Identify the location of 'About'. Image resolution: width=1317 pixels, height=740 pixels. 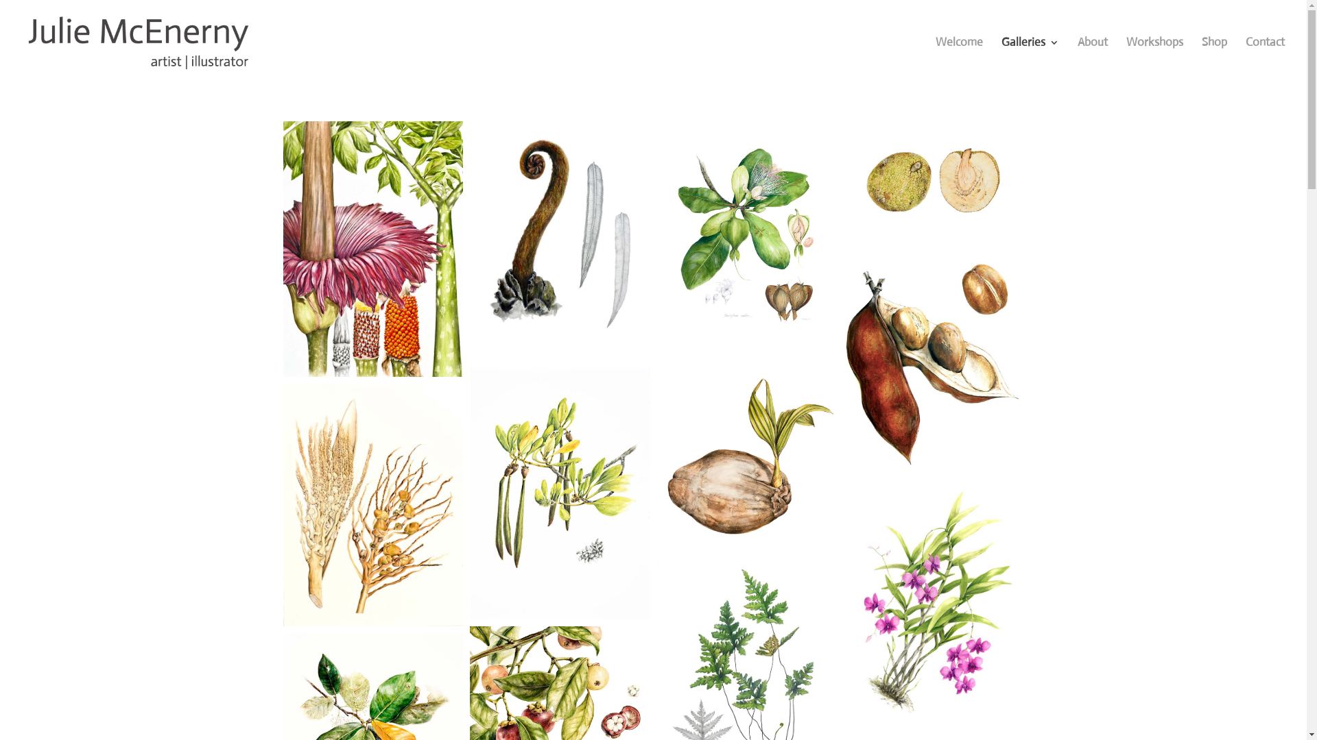
(1076, 60).